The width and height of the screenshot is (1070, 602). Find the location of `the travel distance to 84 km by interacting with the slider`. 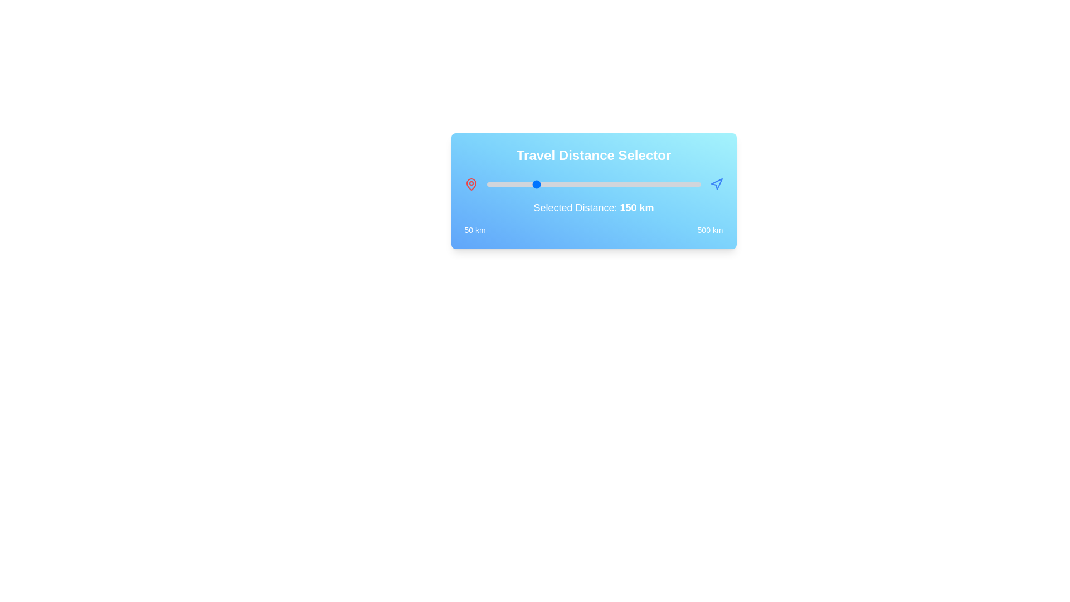

the travel distance to 84 km by interacting with the slider is located at coordinates (502, 184).